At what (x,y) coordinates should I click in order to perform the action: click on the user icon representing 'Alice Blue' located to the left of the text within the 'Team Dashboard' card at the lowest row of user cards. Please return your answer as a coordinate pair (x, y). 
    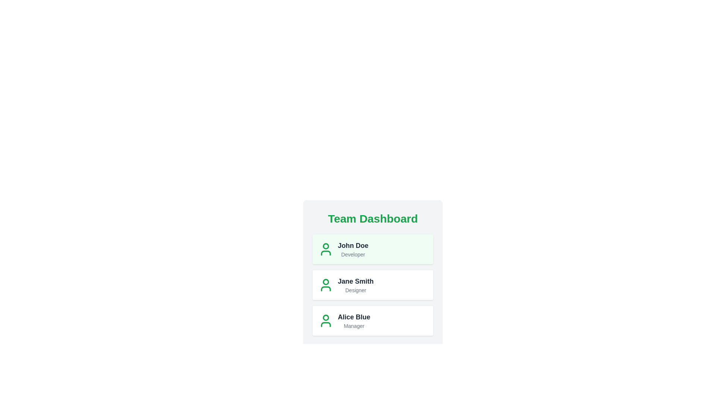
    Looking at the image, I should click on (326, 320).